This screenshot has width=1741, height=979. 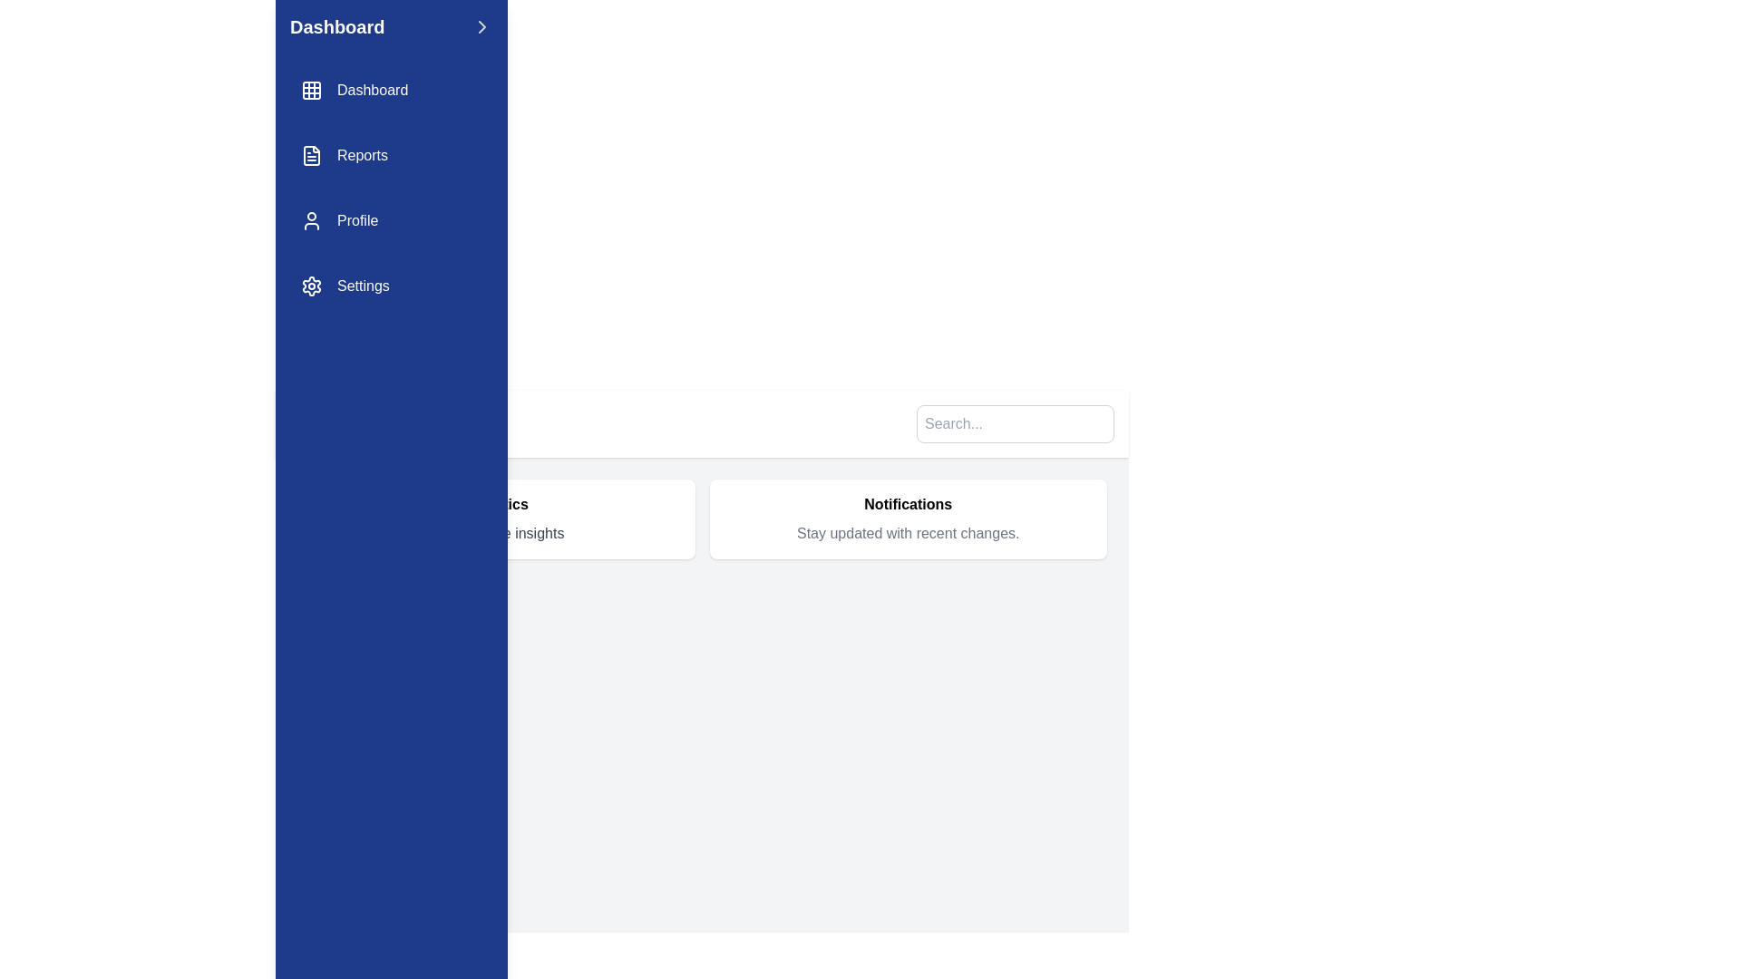 What do you see at coordinates (362, 155) in the screenshot?
I see `the 'Reports' text label, which is styled with a white font on a blue background and is located in the second row of the vertical navigation menu` at bounding box center [362, 155].